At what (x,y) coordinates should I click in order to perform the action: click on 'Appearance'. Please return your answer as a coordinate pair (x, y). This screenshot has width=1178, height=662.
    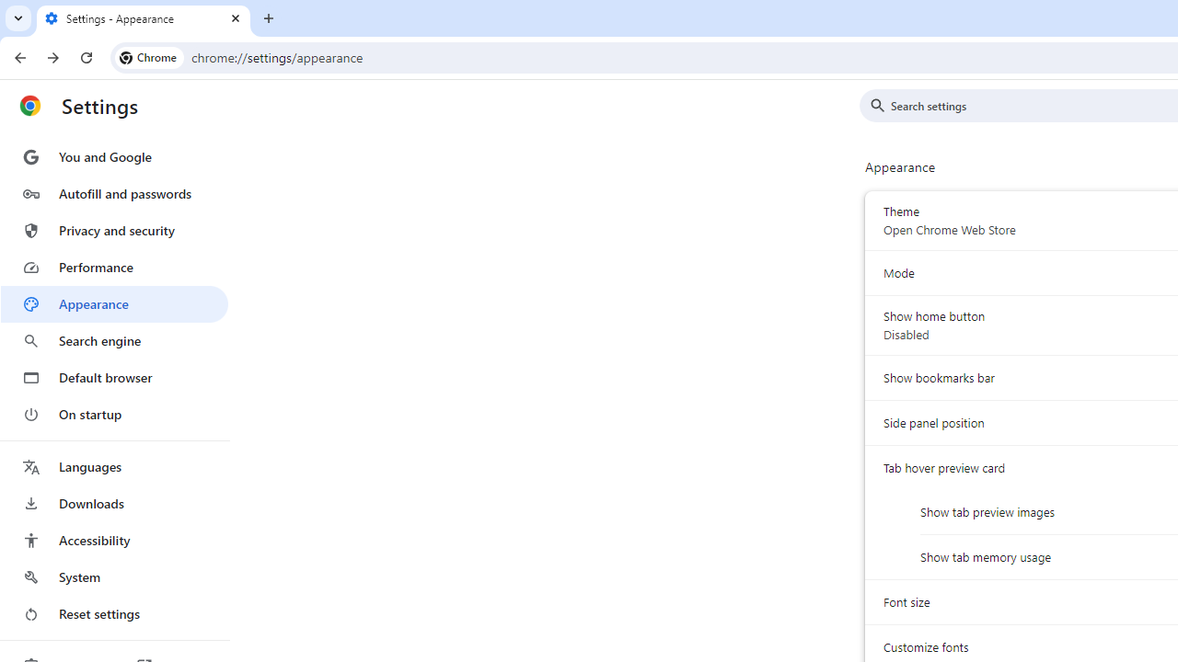
    Looking at the image, I should click on (113, 303).